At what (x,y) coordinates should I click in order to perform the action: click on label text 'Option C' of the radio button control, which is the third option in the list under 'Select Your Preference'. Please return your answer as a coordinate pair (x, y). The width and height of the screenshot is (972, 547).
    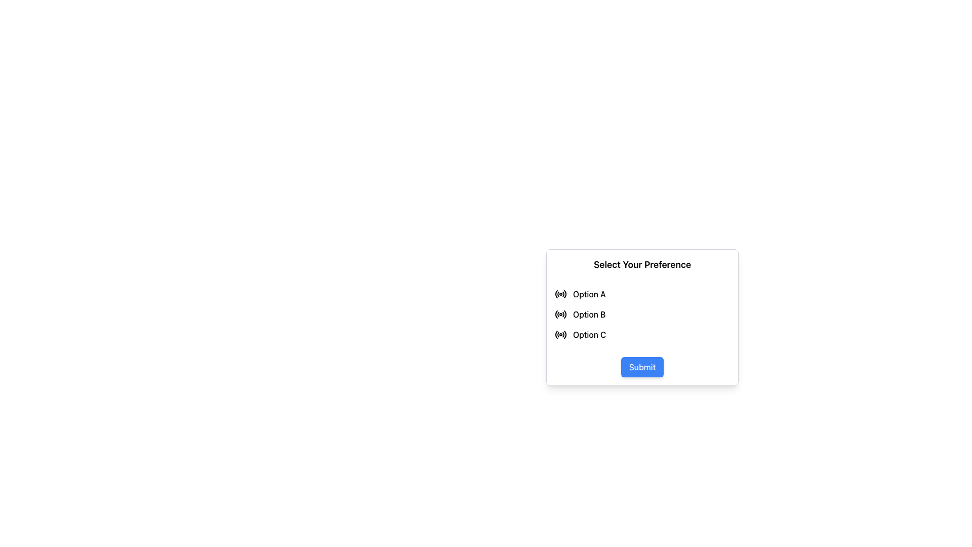
    Looking at the image, I should click on (589, 334).